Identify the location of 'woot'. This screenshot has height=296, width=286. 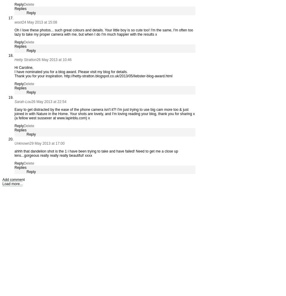
(14, 22).